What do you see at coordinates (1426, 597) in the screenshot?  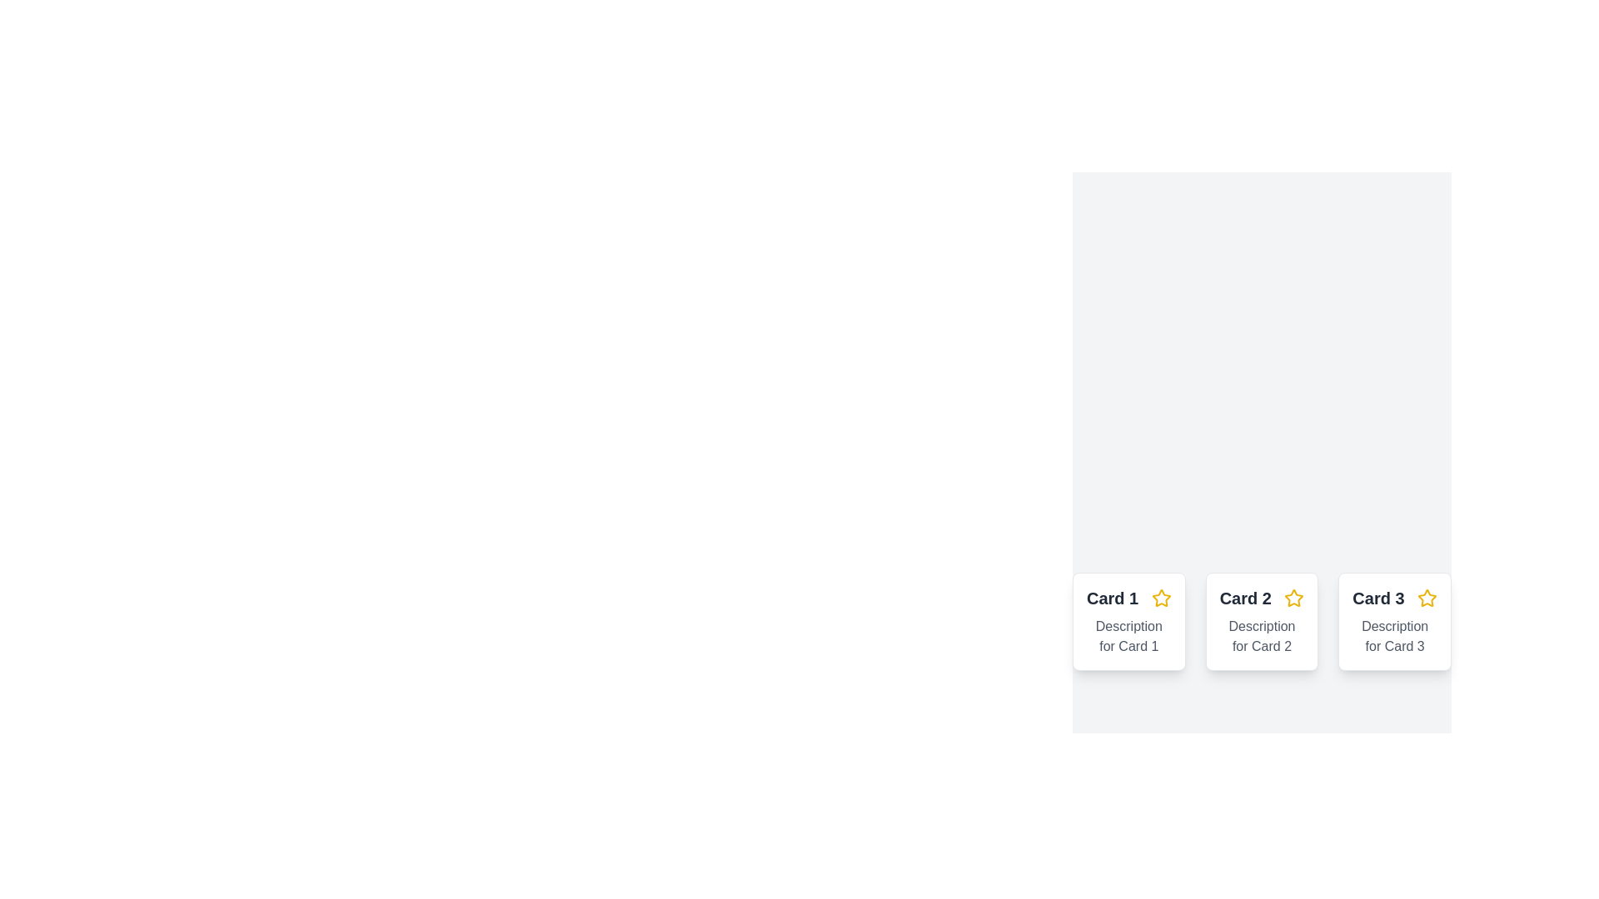 I see `the favorite icon located in the top-right corner of 'Card 3'` at bounding box center [1426, 597].